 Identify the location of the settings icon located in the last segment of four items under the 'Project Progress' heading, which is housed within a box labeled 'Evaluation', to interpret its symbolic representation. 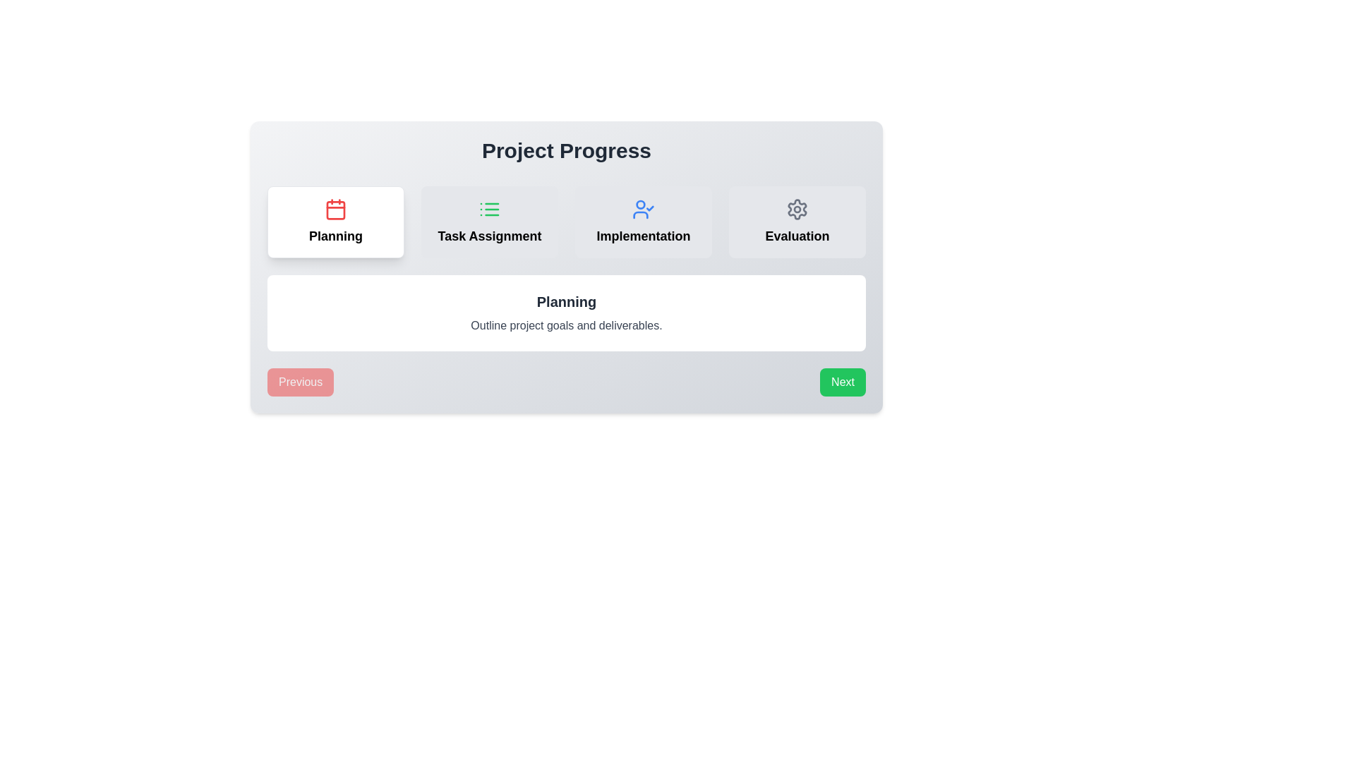
(797, 210).